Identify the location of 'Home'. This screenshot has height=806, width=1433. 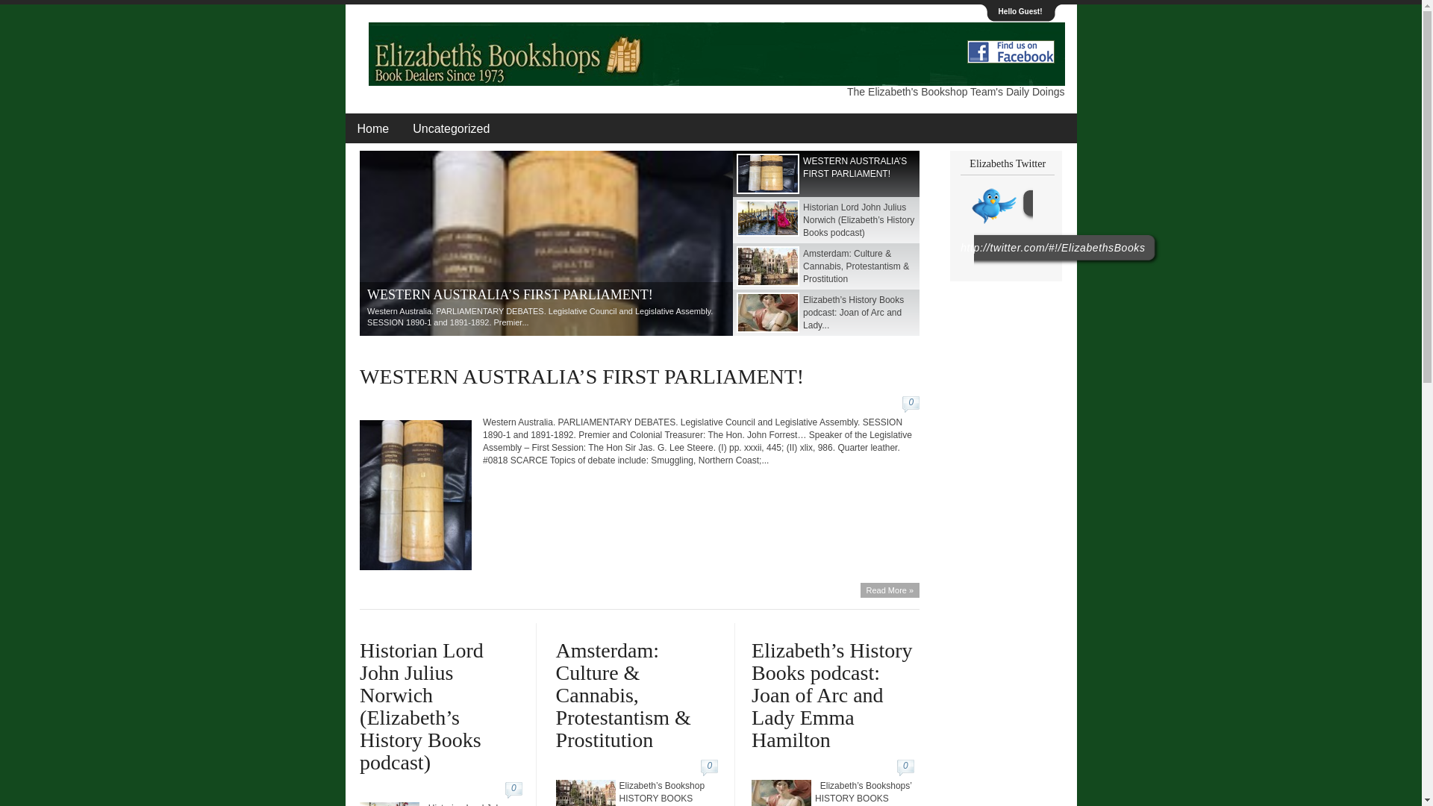
(343, 128).